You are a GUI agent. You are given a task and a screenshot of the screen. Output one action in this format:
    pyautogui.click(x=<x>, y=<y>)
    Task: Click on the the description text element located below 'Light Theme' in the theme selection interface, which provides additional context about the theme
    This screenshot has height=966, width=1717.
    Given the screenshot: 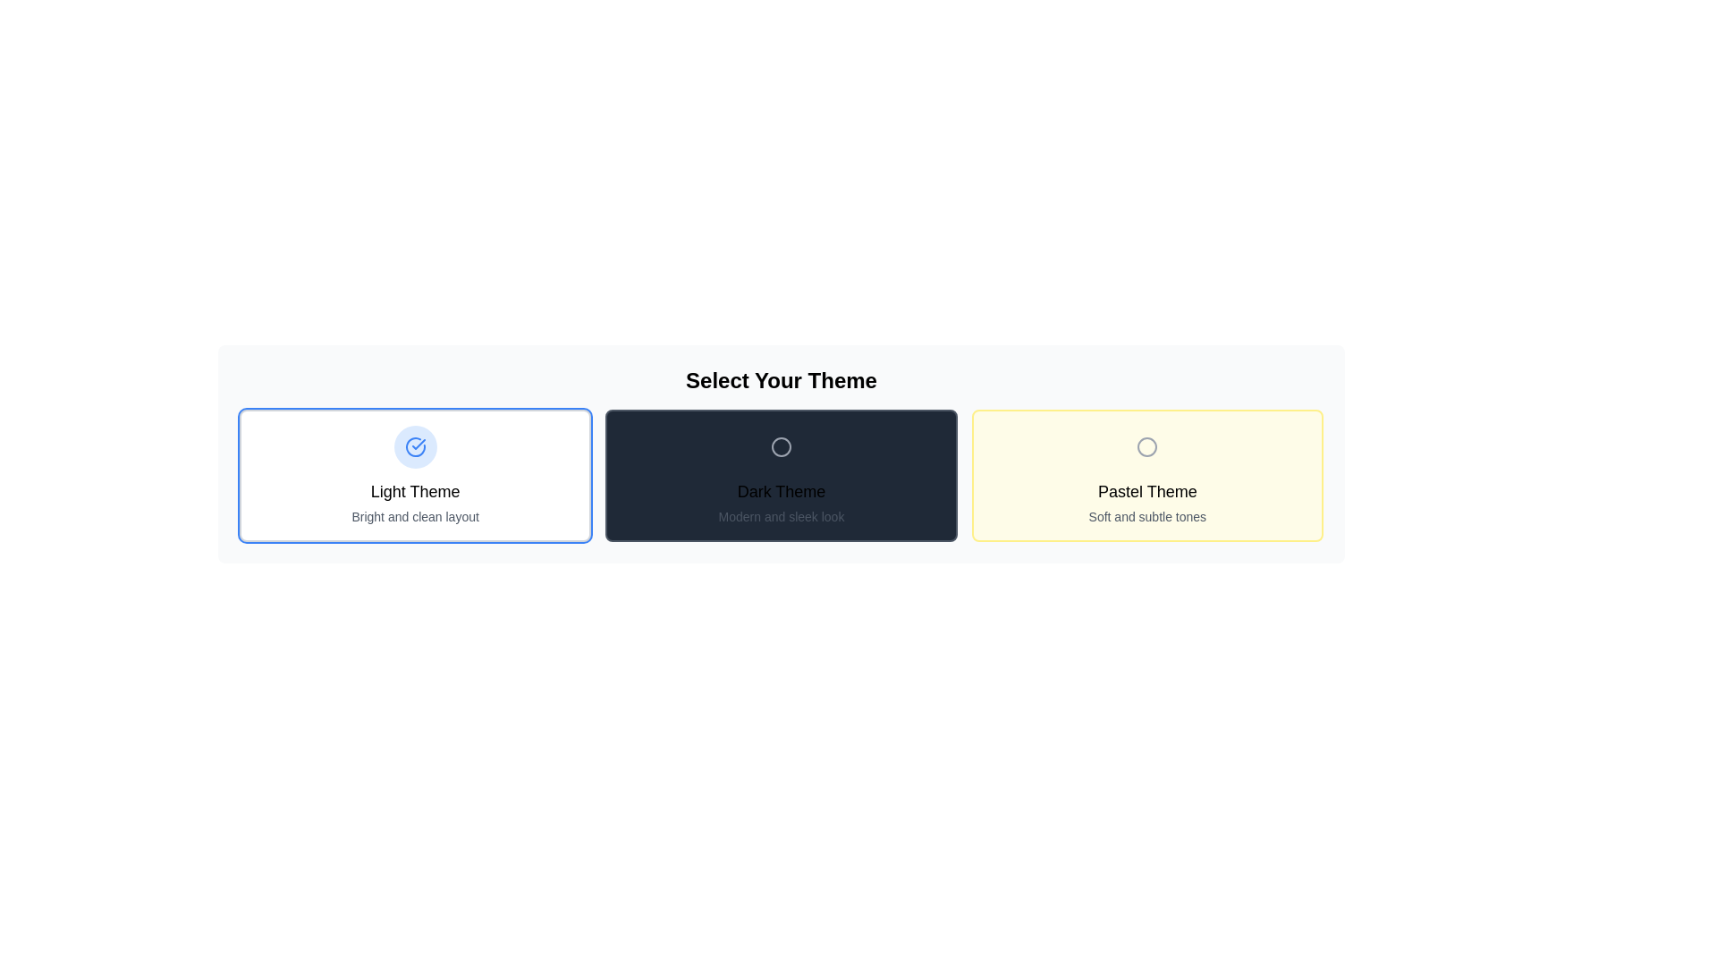 What is the action you would take?
    pyautogui.click(x=414, y=517)
    